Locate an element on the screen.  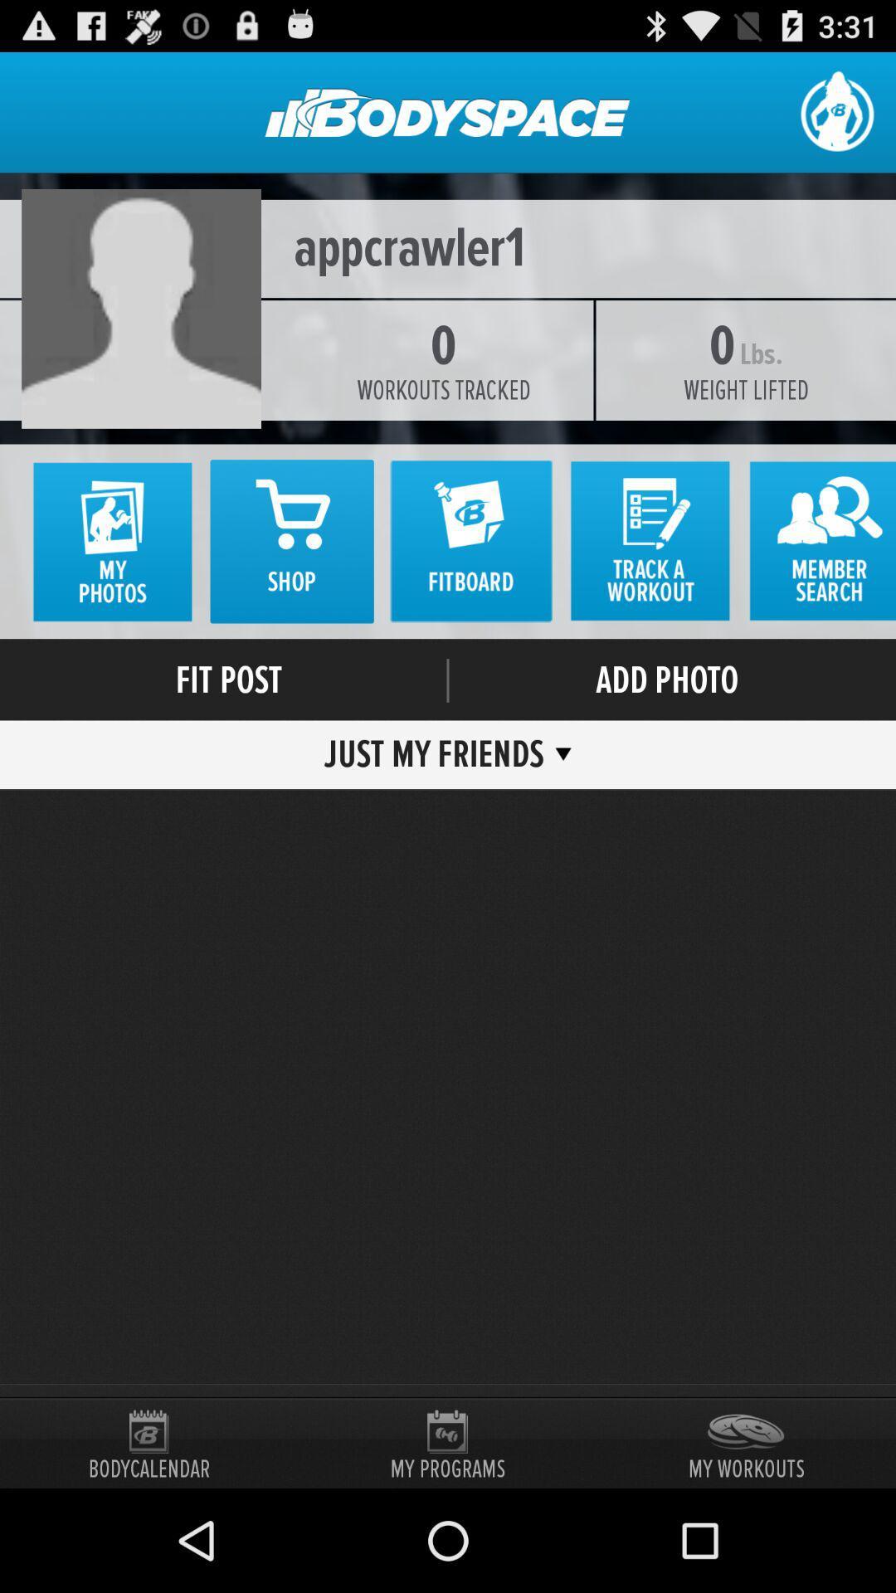
icon below the pull to refresh... item is located at coordinates (448, 247).